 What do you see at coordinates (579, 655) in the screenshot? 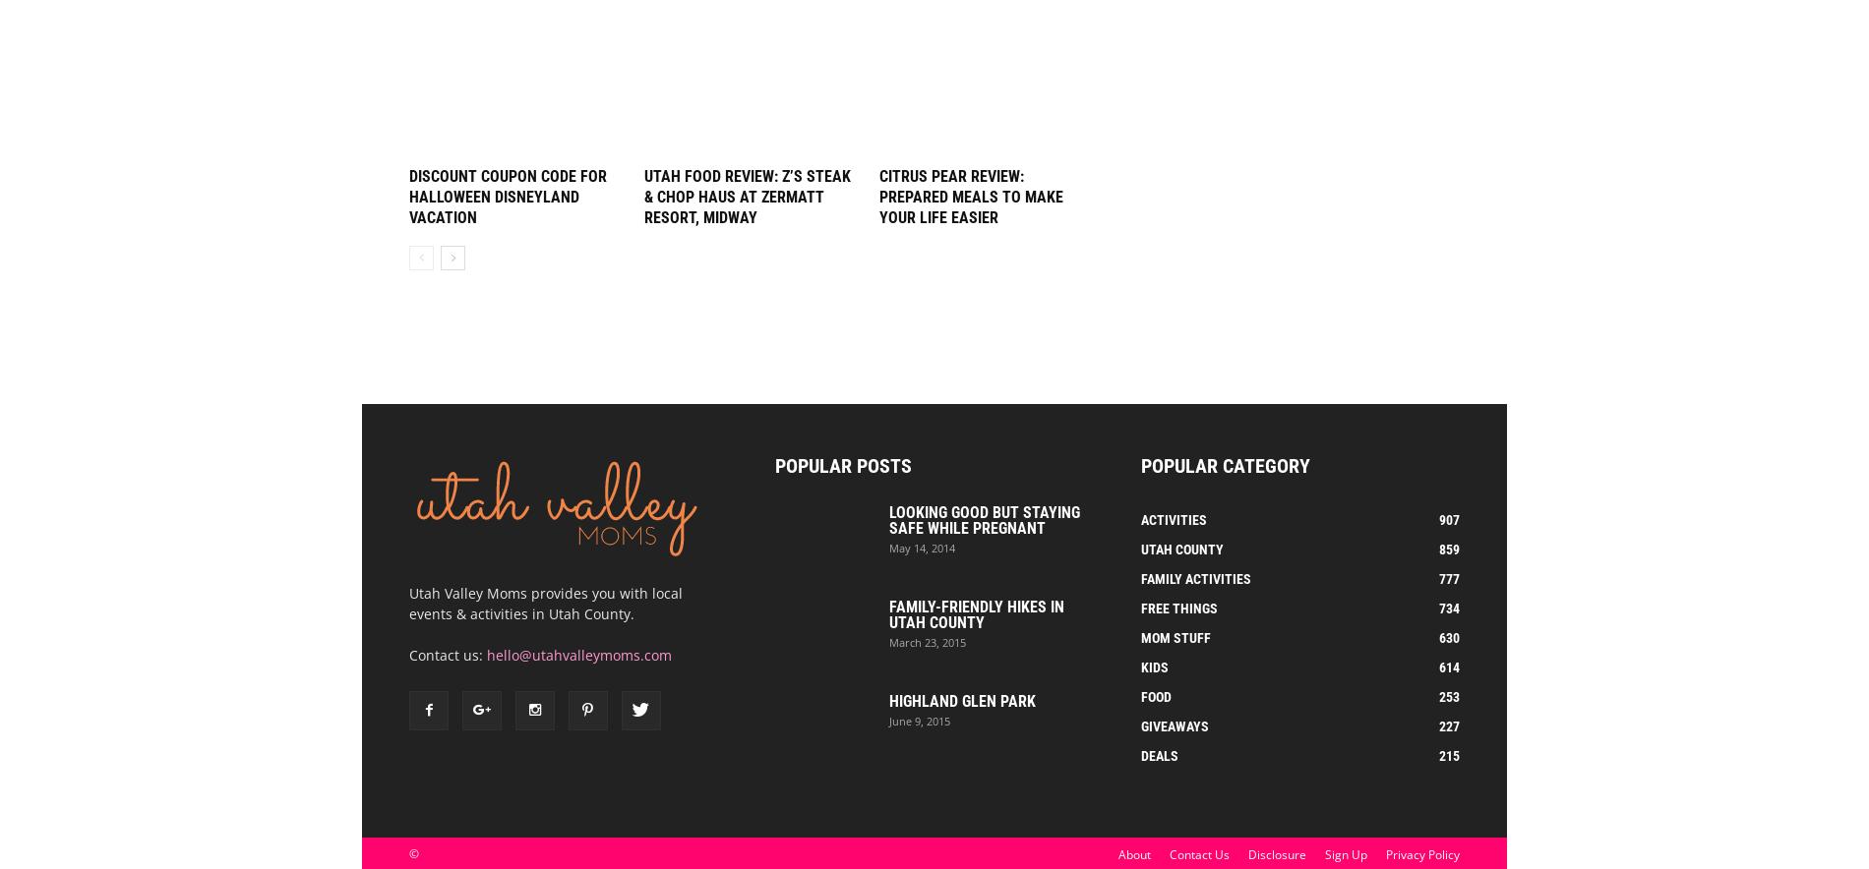
I see `'hello@utahvalleymoms.com'` at bounding box center [579, 655].